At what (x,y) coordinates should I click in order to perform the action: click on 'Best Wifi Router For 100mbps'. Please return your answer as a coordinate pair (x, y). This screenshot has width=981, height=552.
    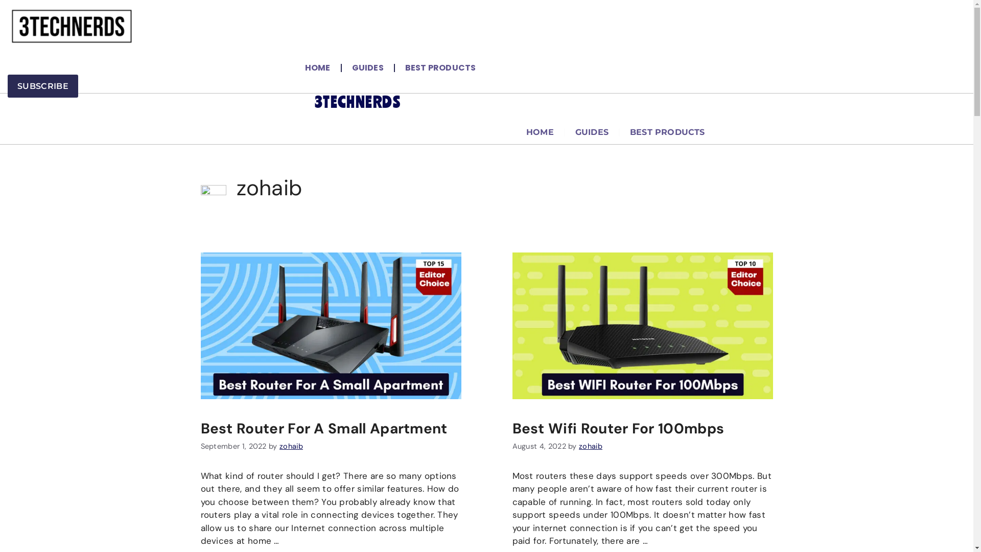
    Looking at the image, I should click on (617, 428).